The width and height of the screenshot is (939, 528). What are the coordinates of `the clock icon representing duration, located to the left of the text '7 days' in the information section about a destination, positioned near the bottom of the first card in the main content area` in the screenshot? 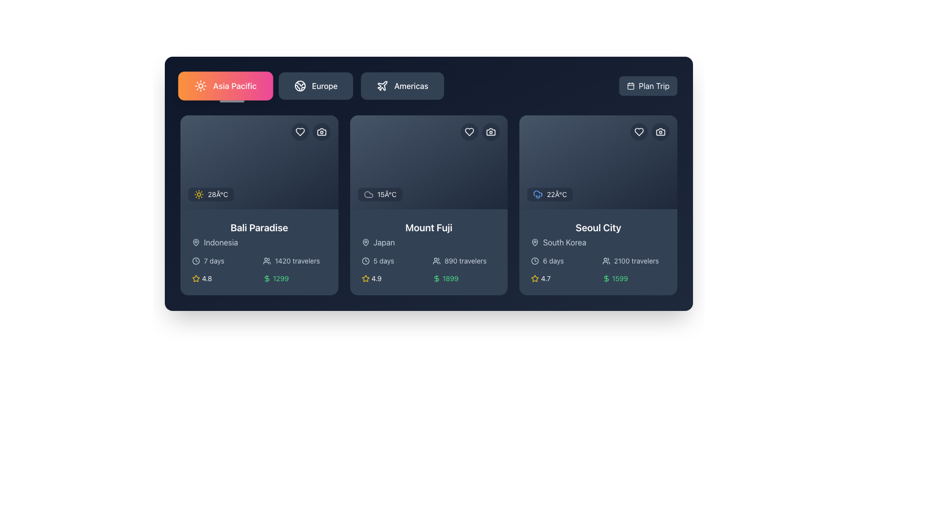 It's located at (196, 260).